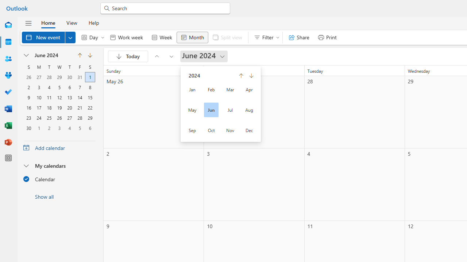  What do you see at coordinates (38, 117) in the screenshot?
I see `'24, June, 2024'` at bounding box center [38, 117].